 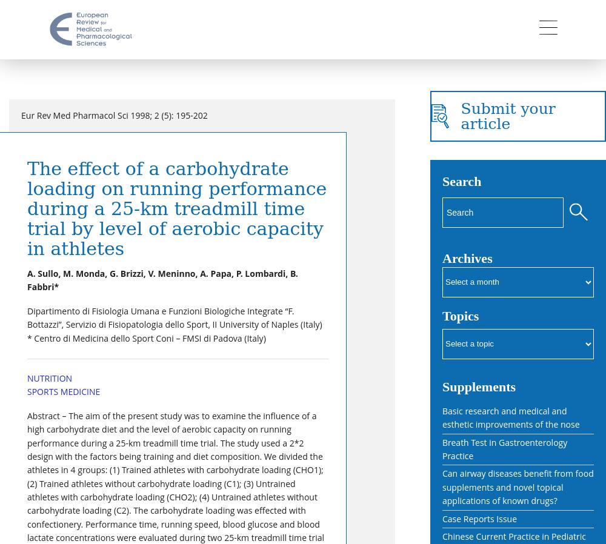 I want to click on '* Centro di Medicina dello Sport Coni – FMSI di Padova (Italy)', so click(x=145, y=337).